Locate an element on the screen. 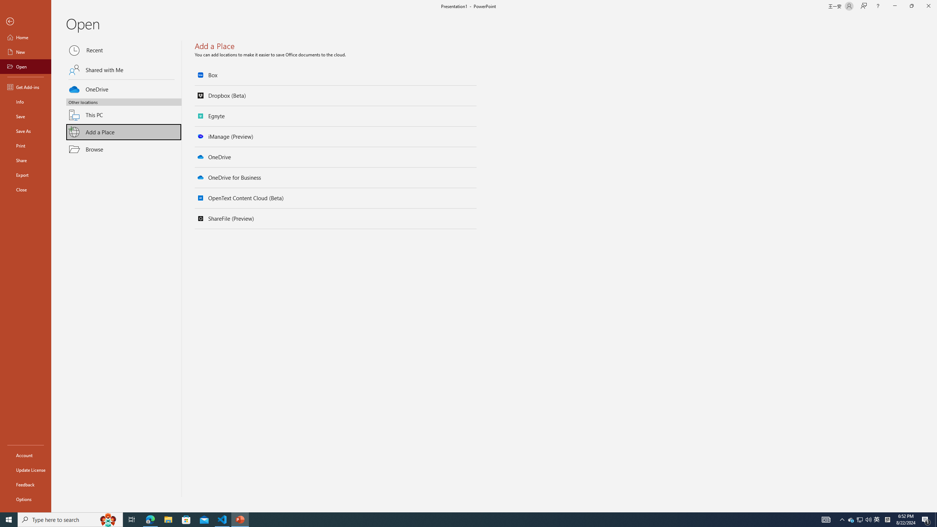 The height and width of the screenshot is (527, 937). 'Print' is located at coordinates (25, 145).